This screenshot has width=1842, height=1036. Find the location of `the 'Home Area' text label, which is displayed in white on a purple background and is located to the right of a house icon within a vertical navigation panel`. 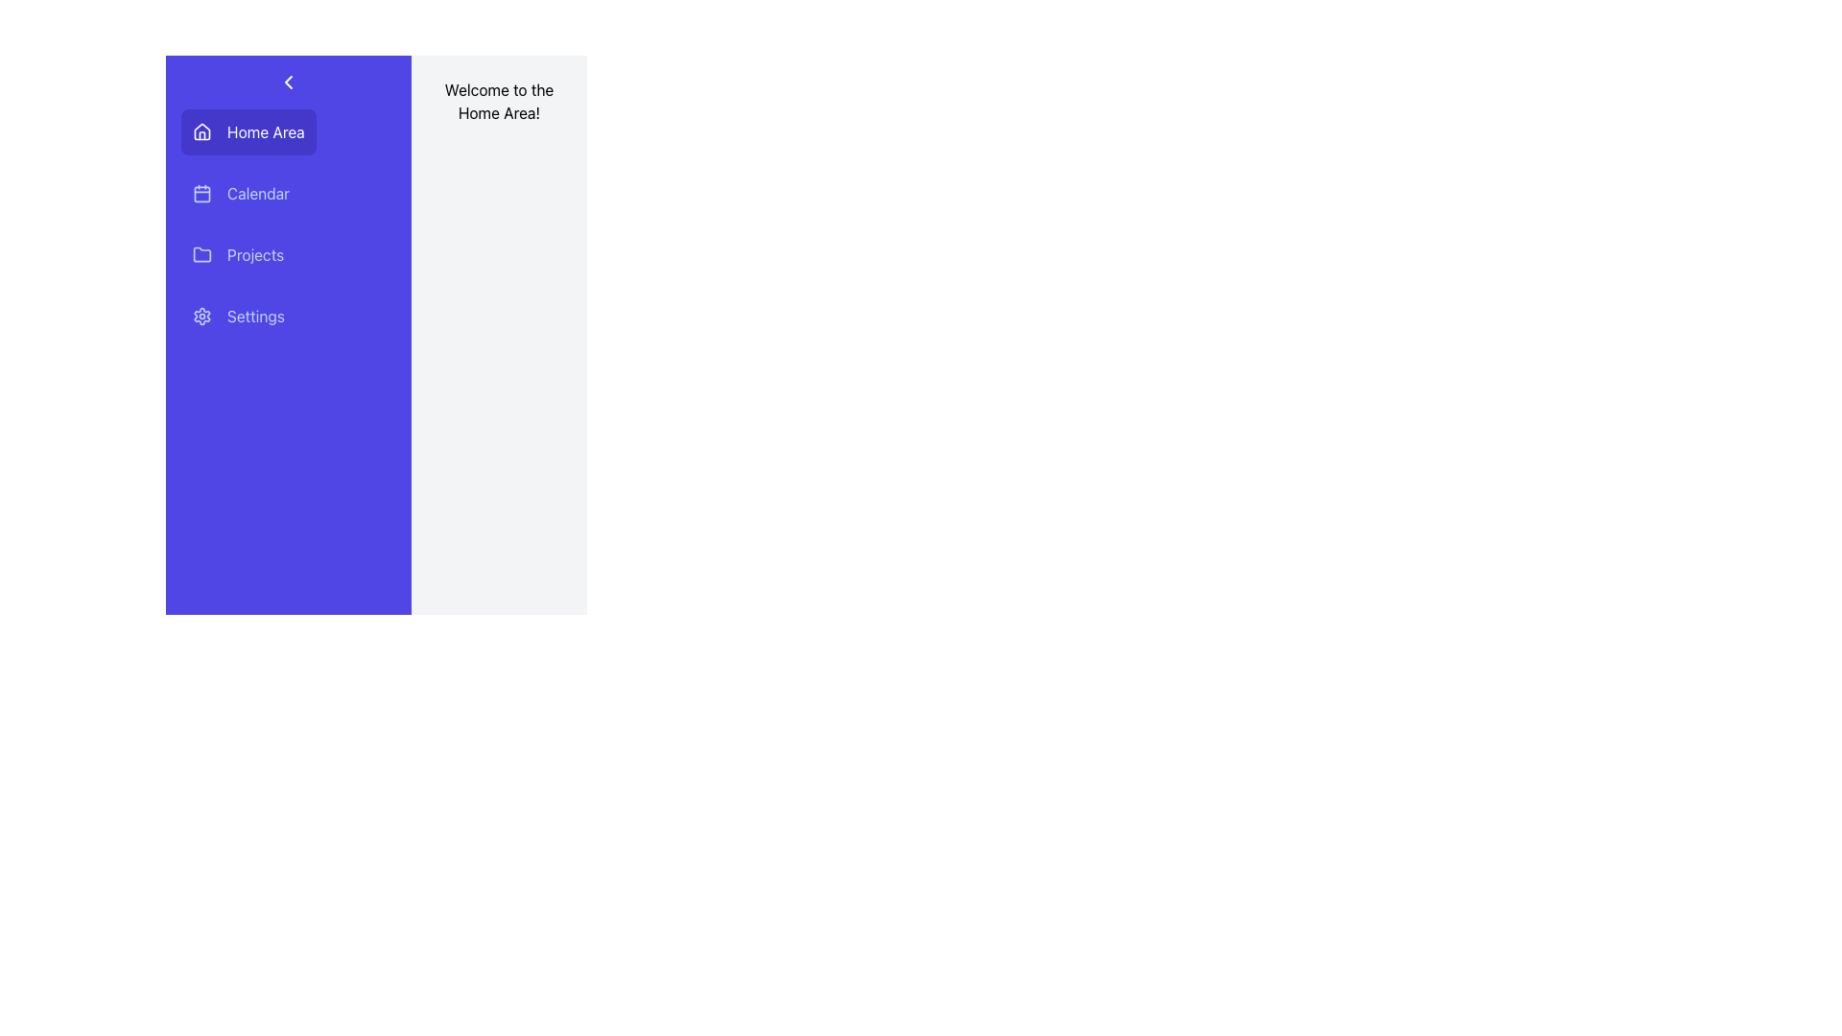

the 'Home Area' text label, which is displayed in white on a purple background and is located to the right of a house icon within a vertical navigation panel is located at coordinates (265, 131).